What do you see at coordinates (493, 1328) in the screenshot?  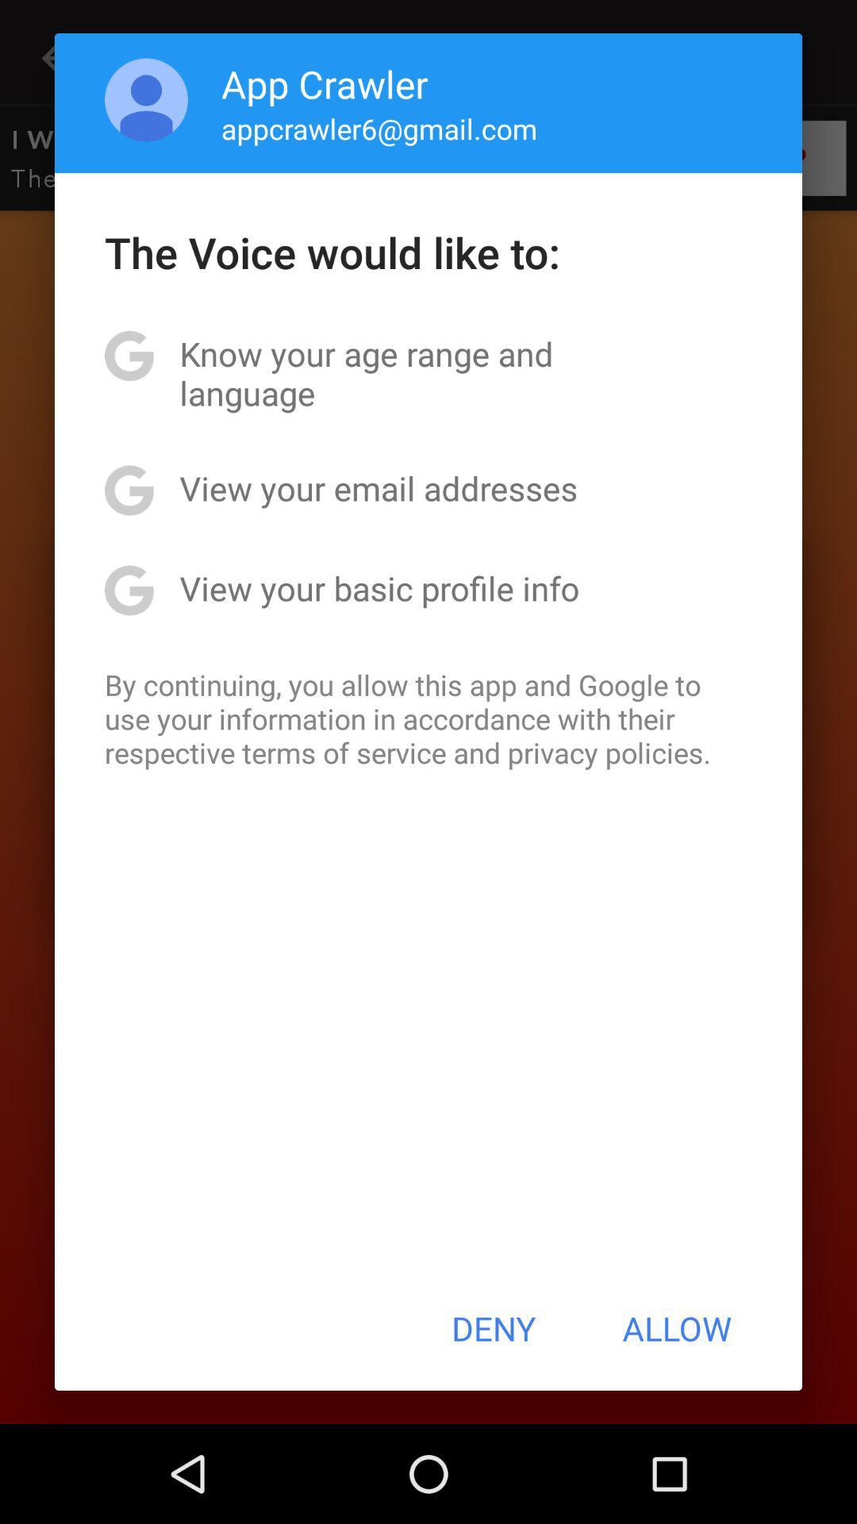 I see `deny button` at bounding box center [493, 1328].